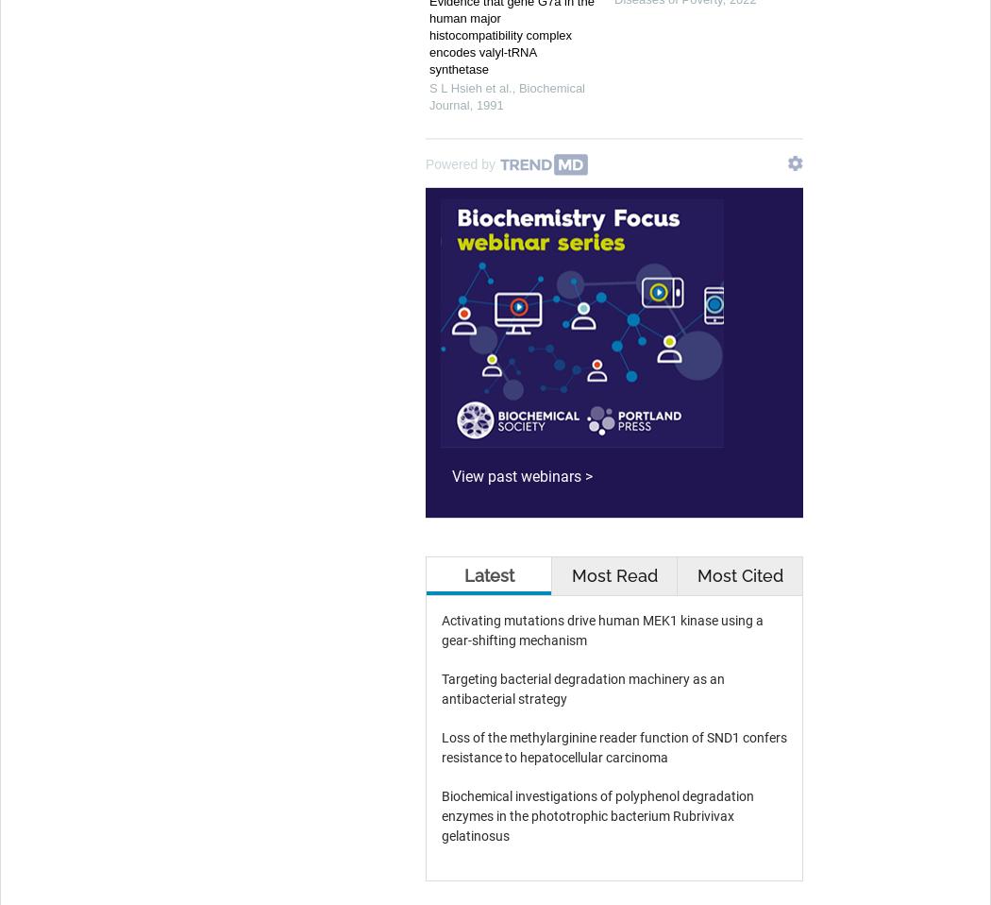 The image size is (991, 905). Describe the element at coordinates (488, 105) in the screenshot. I see `'1991'` at that location.